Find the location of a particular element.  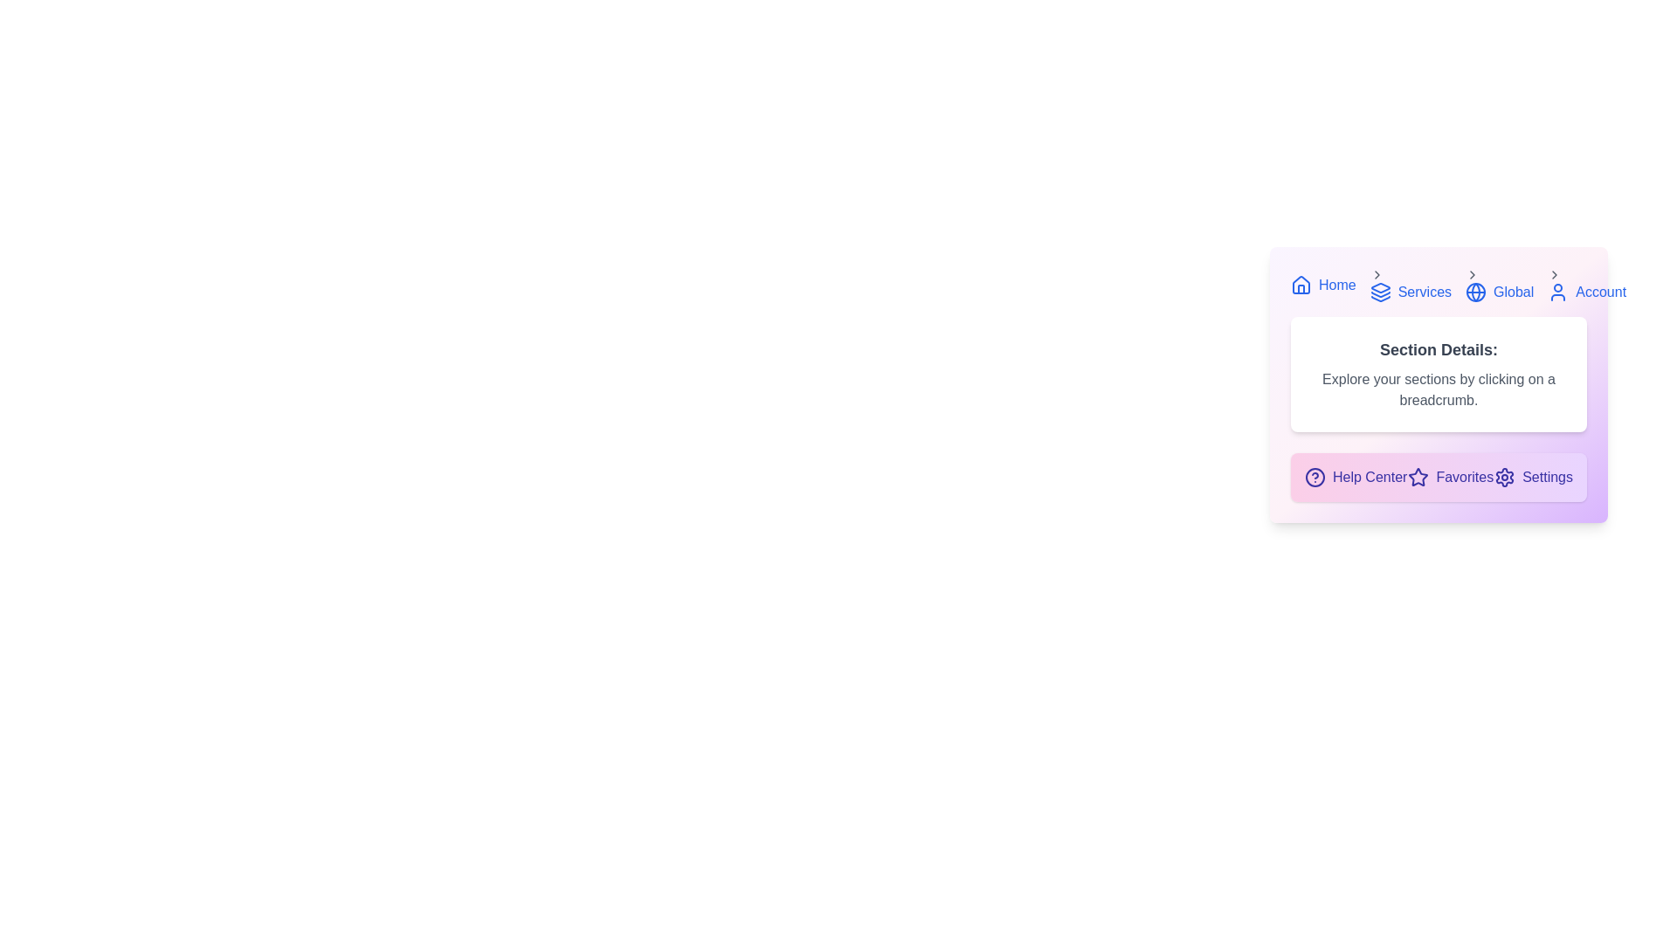

the 'Services' link in the breadcrumb navigation is located at coordinates (1411, 292).